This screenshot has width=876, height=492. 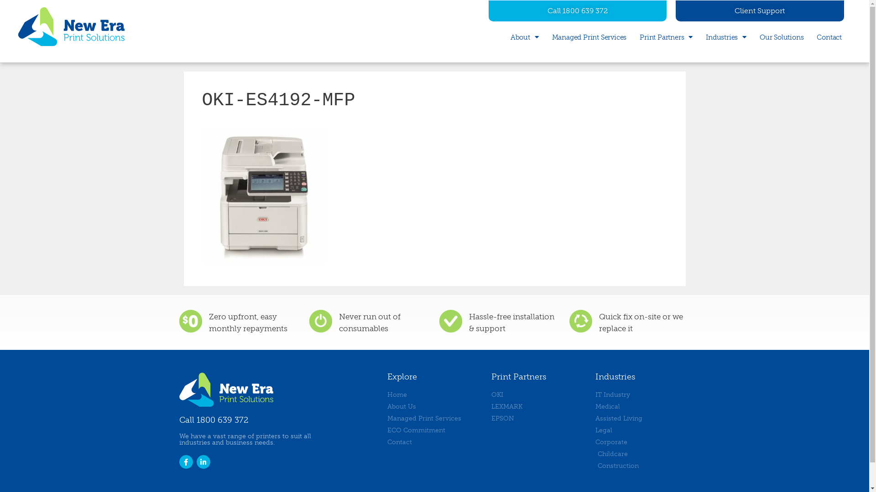 I want to click on 'Home', so click(x=433, y=394).